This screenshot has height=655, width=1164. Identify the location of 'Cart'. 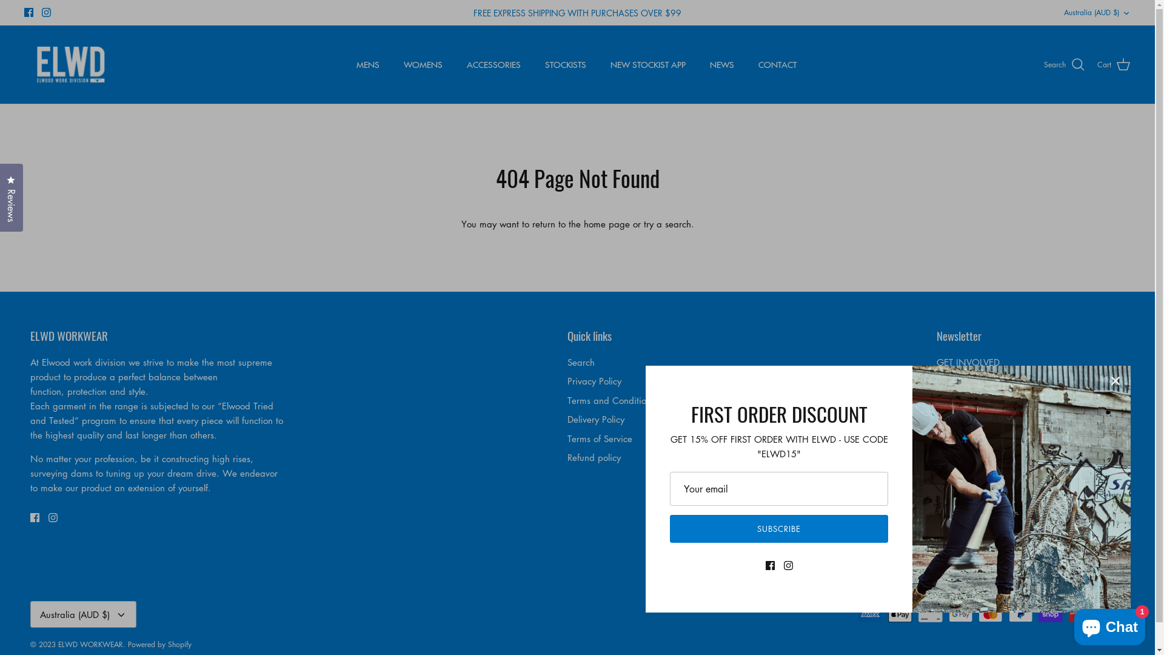
(1114, 65).